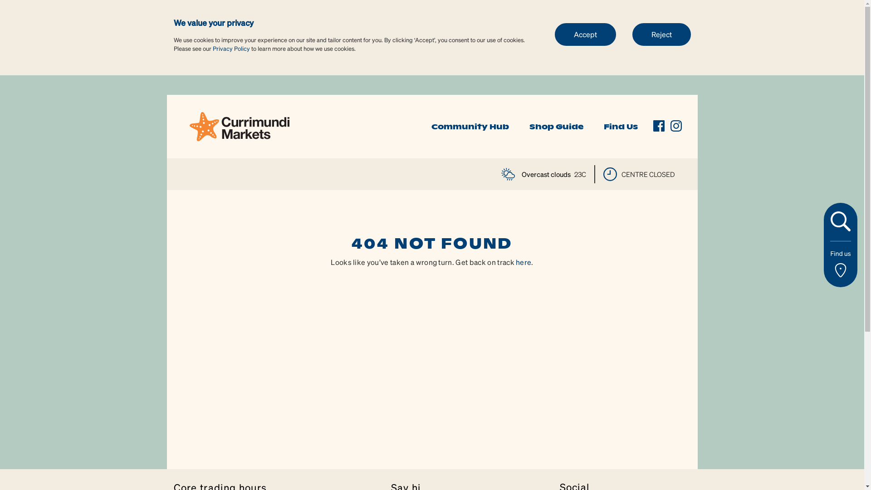 This screenshot has width=871, height=490. What do you see at coordinates (523, 262) in the screenshot?
I see `'here'` at bounding box center [523, 262].